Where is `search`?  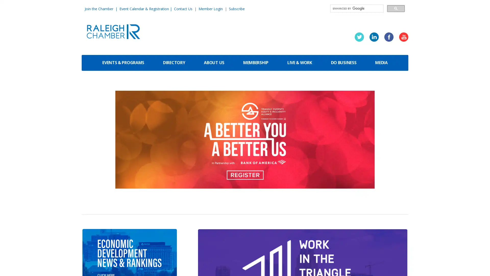
search is located at coordinates (396, 8).